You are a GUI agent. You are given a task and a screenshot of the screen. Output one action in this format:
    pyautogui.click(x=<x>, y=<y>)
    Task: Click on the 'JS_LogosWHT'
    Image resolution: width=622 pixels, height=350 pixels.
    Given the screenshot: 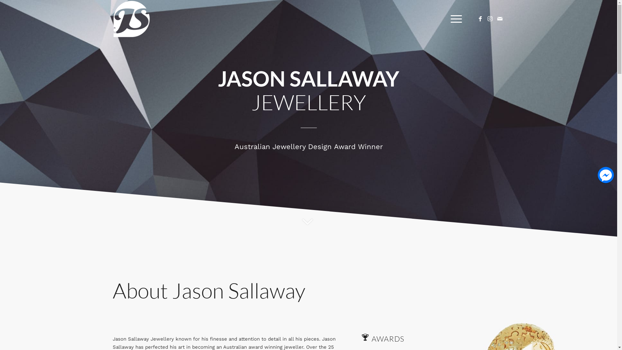 What is the action you would take?
    pyautogui.click(x=131, y=18)
    